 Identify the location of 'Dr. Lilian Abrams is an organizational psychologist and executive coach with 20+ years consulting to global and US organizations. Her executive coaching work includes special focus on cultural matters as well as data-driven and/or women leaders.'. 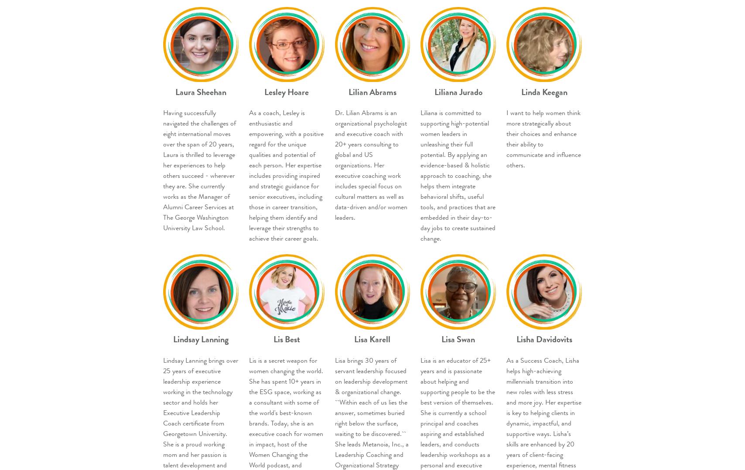
(371, 165).